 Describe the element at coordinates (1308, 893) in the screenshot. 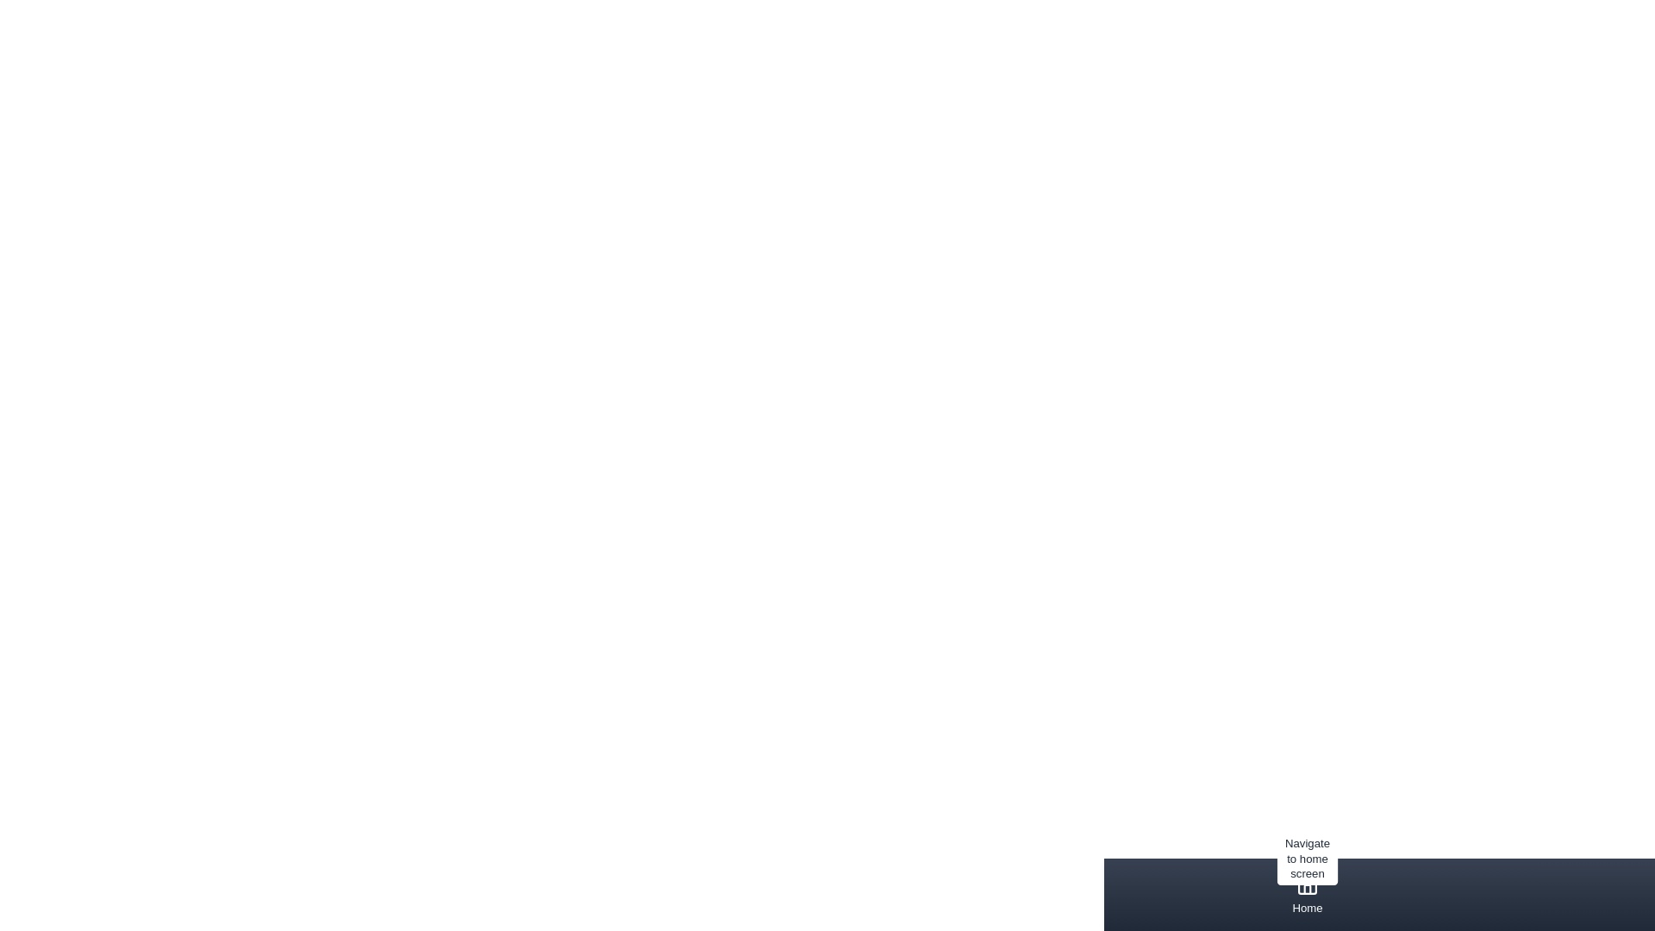

I see `the tab corresponding to Home` at that location.